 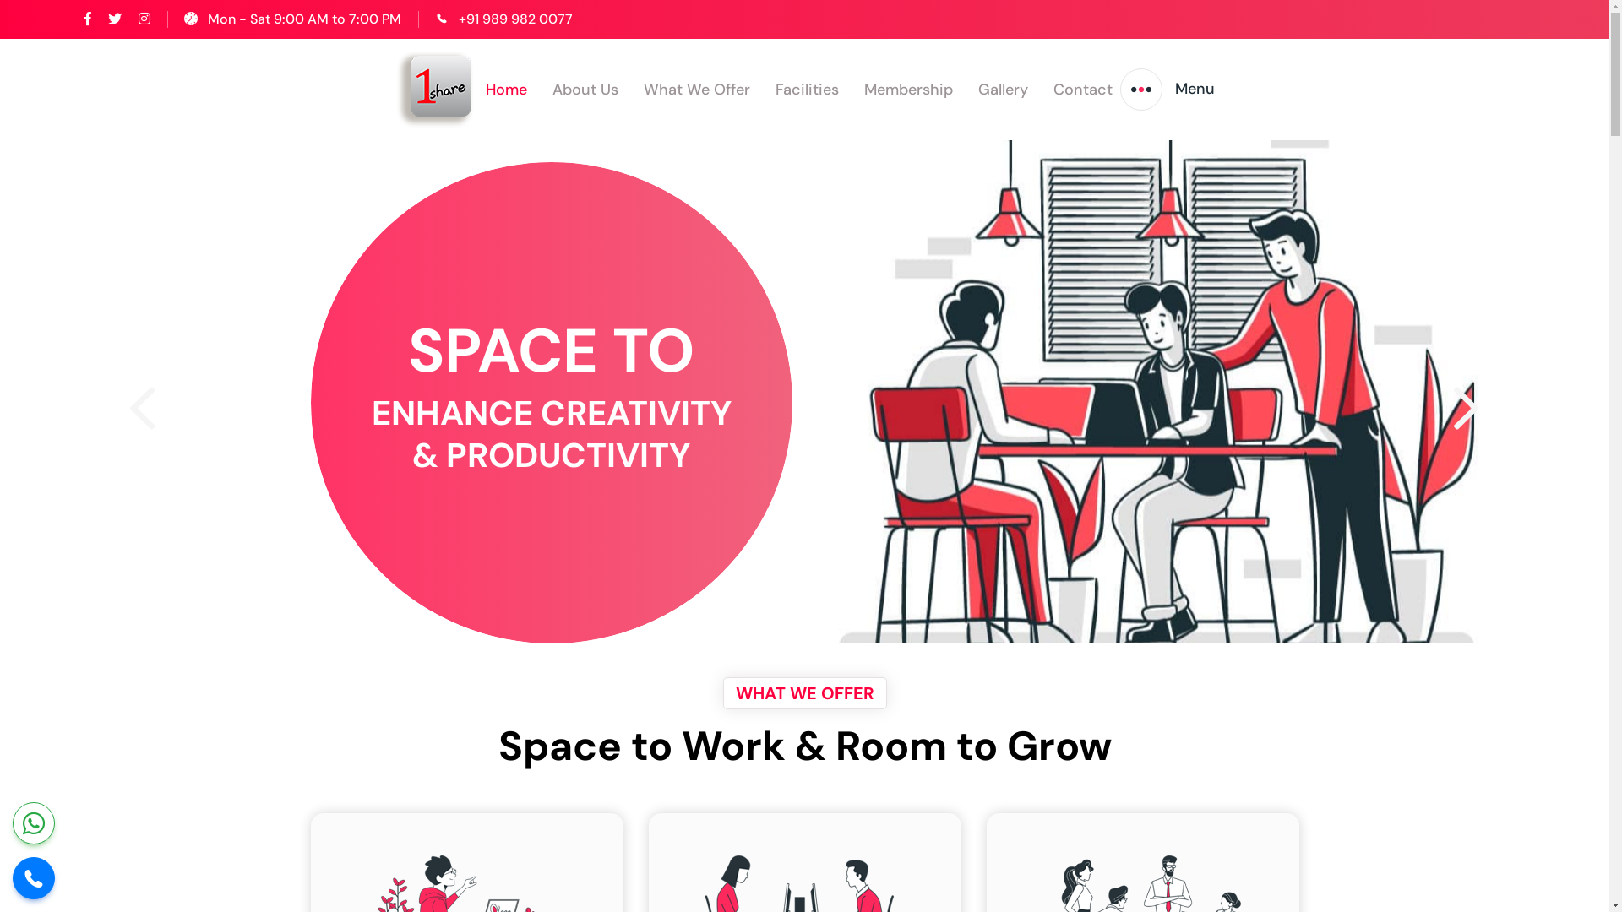 I want to click on 'Contact', so click(x=1082, y=89).